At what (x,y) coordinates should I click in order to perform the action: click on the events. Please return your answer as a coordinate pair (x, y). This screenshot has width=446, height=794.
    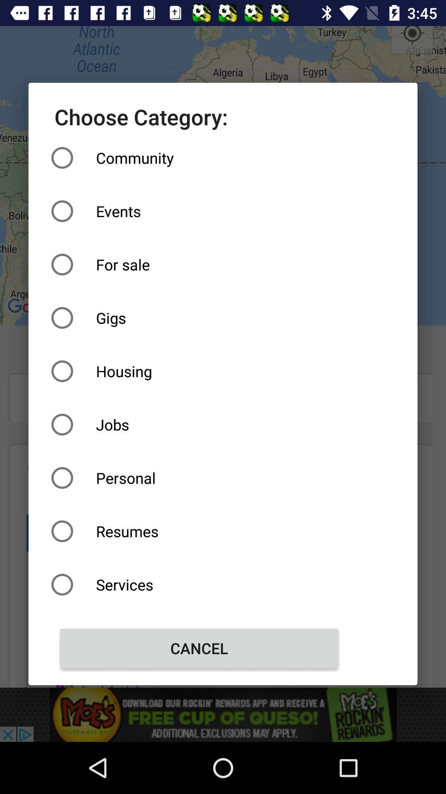
    Looking at the image, I should click on (199, 211).